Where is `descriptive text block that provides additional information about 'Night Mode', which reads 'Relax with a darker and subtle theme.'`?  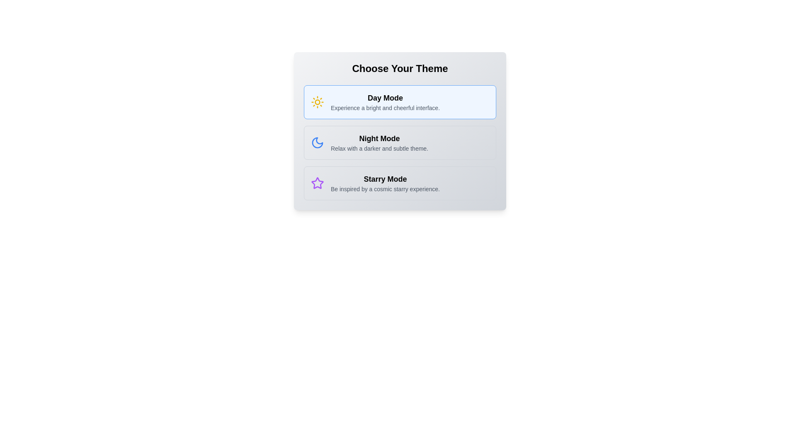
descriptive text block that provides additional information about 'Night Mode', which reads 'Relax with a darker and subtle theme.' is located at coordinates (379, 148).